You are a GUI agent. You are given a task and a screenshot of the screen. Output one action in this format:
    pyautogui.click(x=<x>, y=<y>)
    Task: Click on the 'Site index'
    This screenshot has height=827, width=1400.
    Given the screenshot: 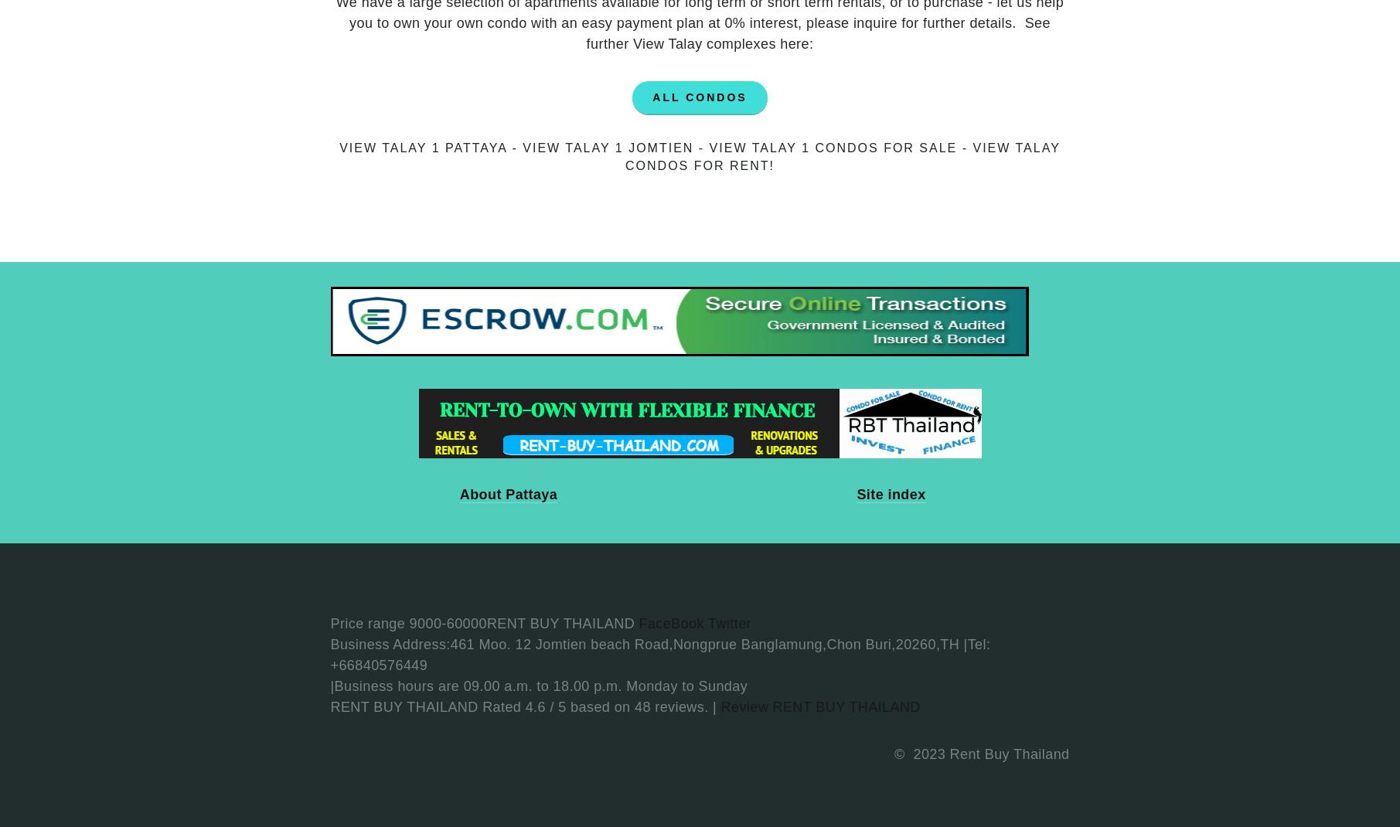 What is the action you would take?
    pyautogui.click(x=890, y=494)
    